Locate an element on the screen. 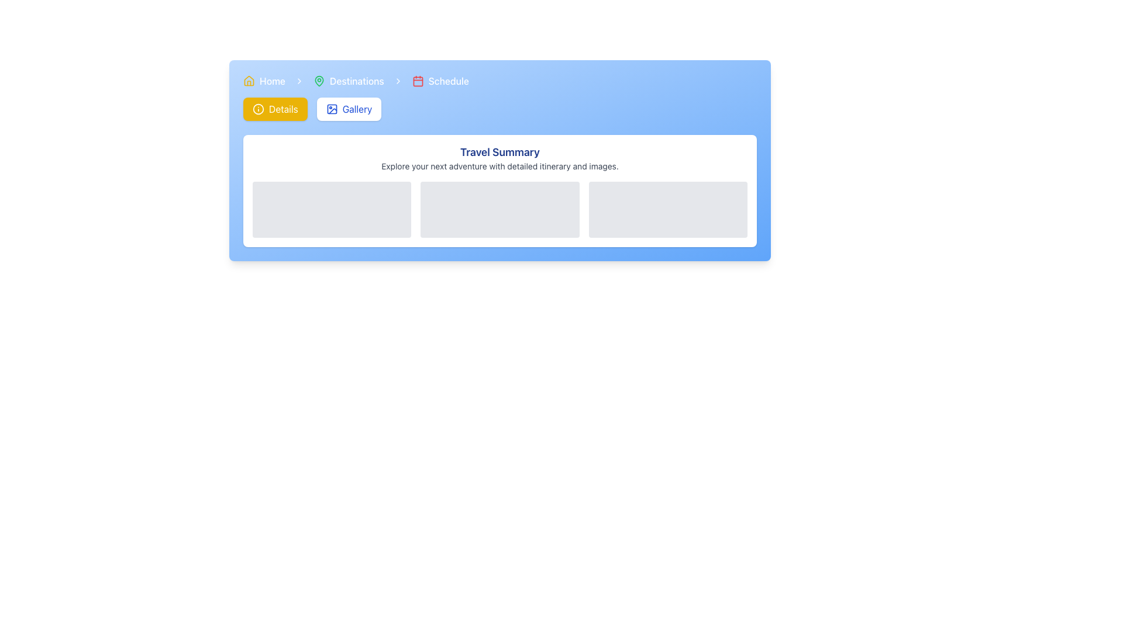 The height and width of the screenshot is (631, 1123). the button labeled 'Gallery' which is centrally located and includes an icon to its left is located at coordinates (356, 109).